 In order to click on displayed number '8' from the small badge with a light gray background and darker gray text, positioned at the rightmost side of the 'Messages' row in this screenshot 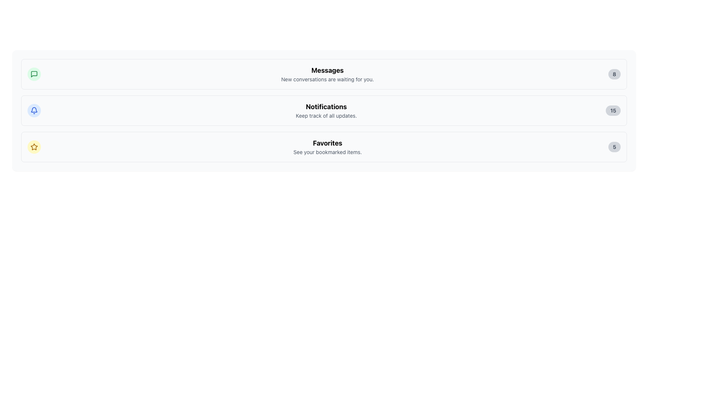, I will do `click(614, 74)`.